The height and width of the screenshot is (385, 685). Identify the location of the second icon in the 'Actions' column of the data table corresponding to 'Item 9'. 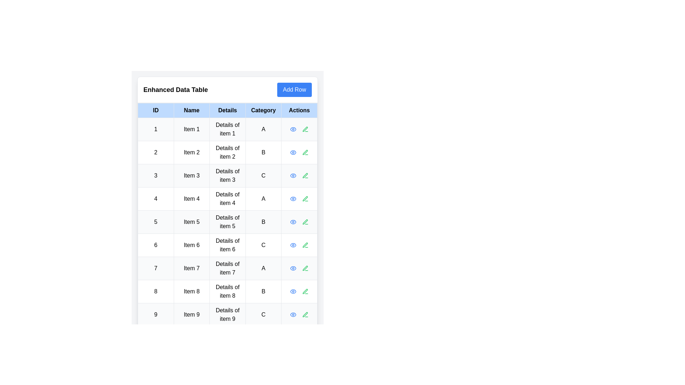
(305, 314).